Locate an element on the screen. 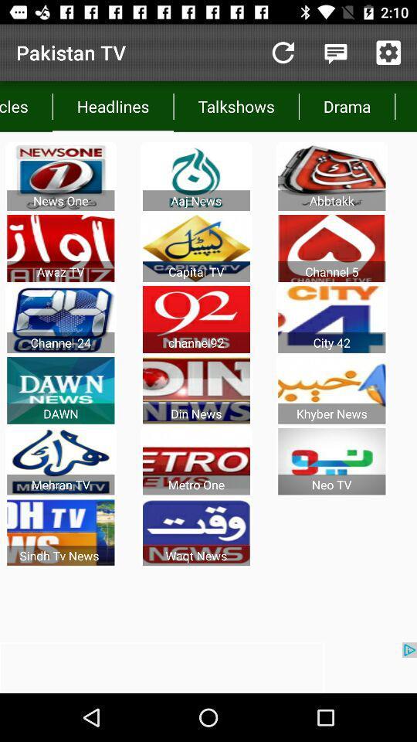 This screenshot has width=417, height=742. todas las noticias del dia is located at coordinates (388, 53).